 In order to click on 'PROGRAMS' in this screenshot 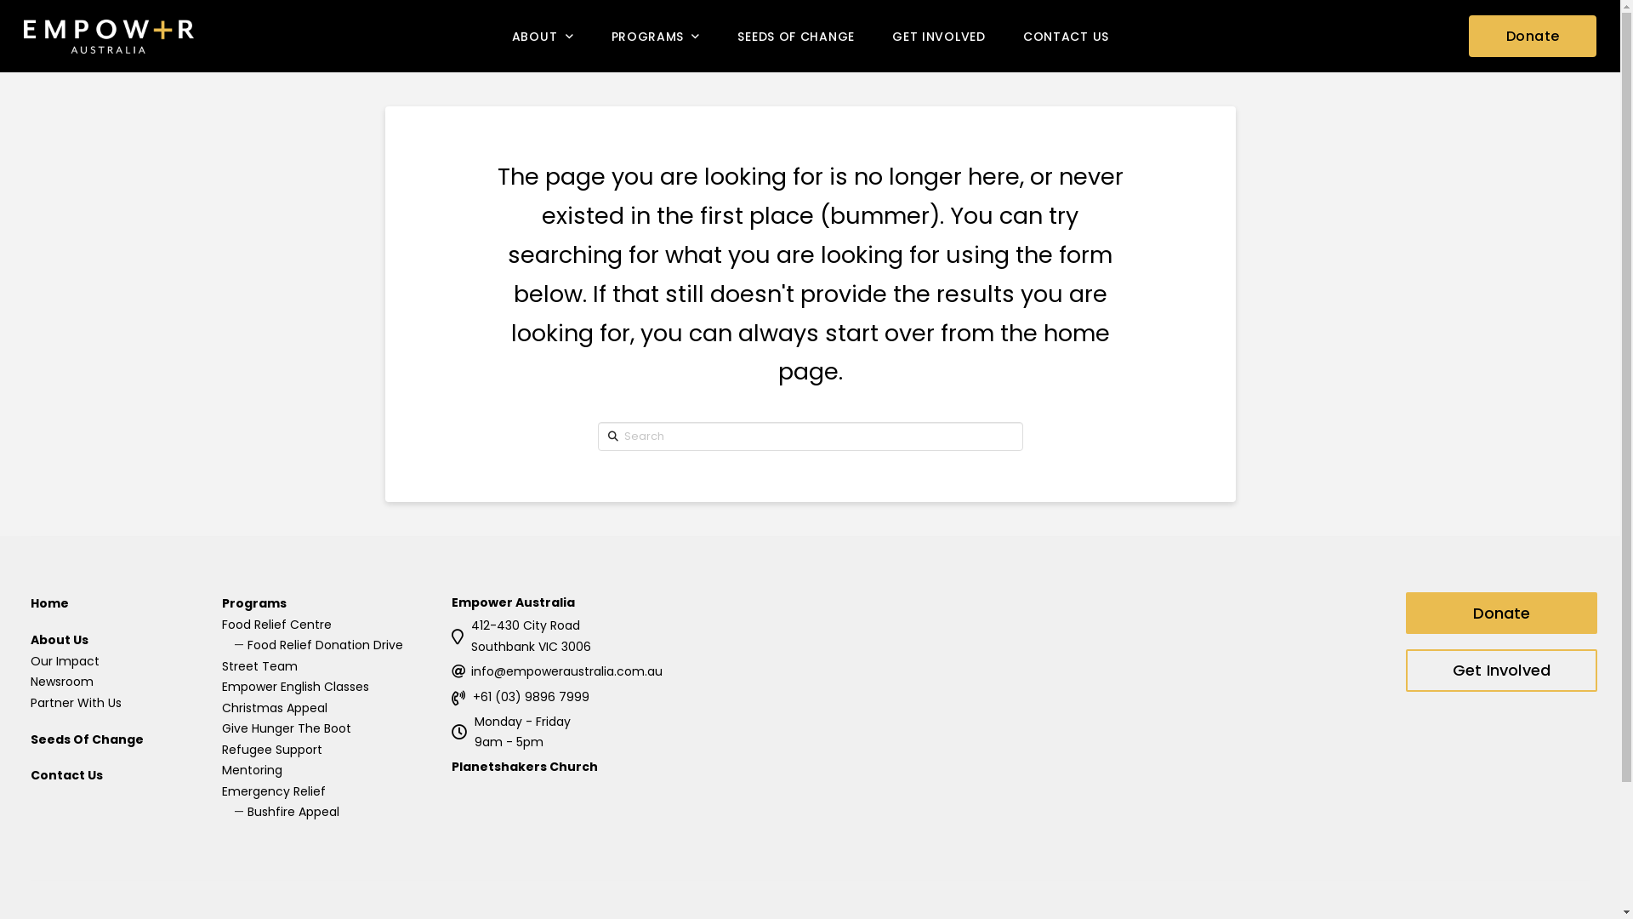, I will do `click(654, 36)`.